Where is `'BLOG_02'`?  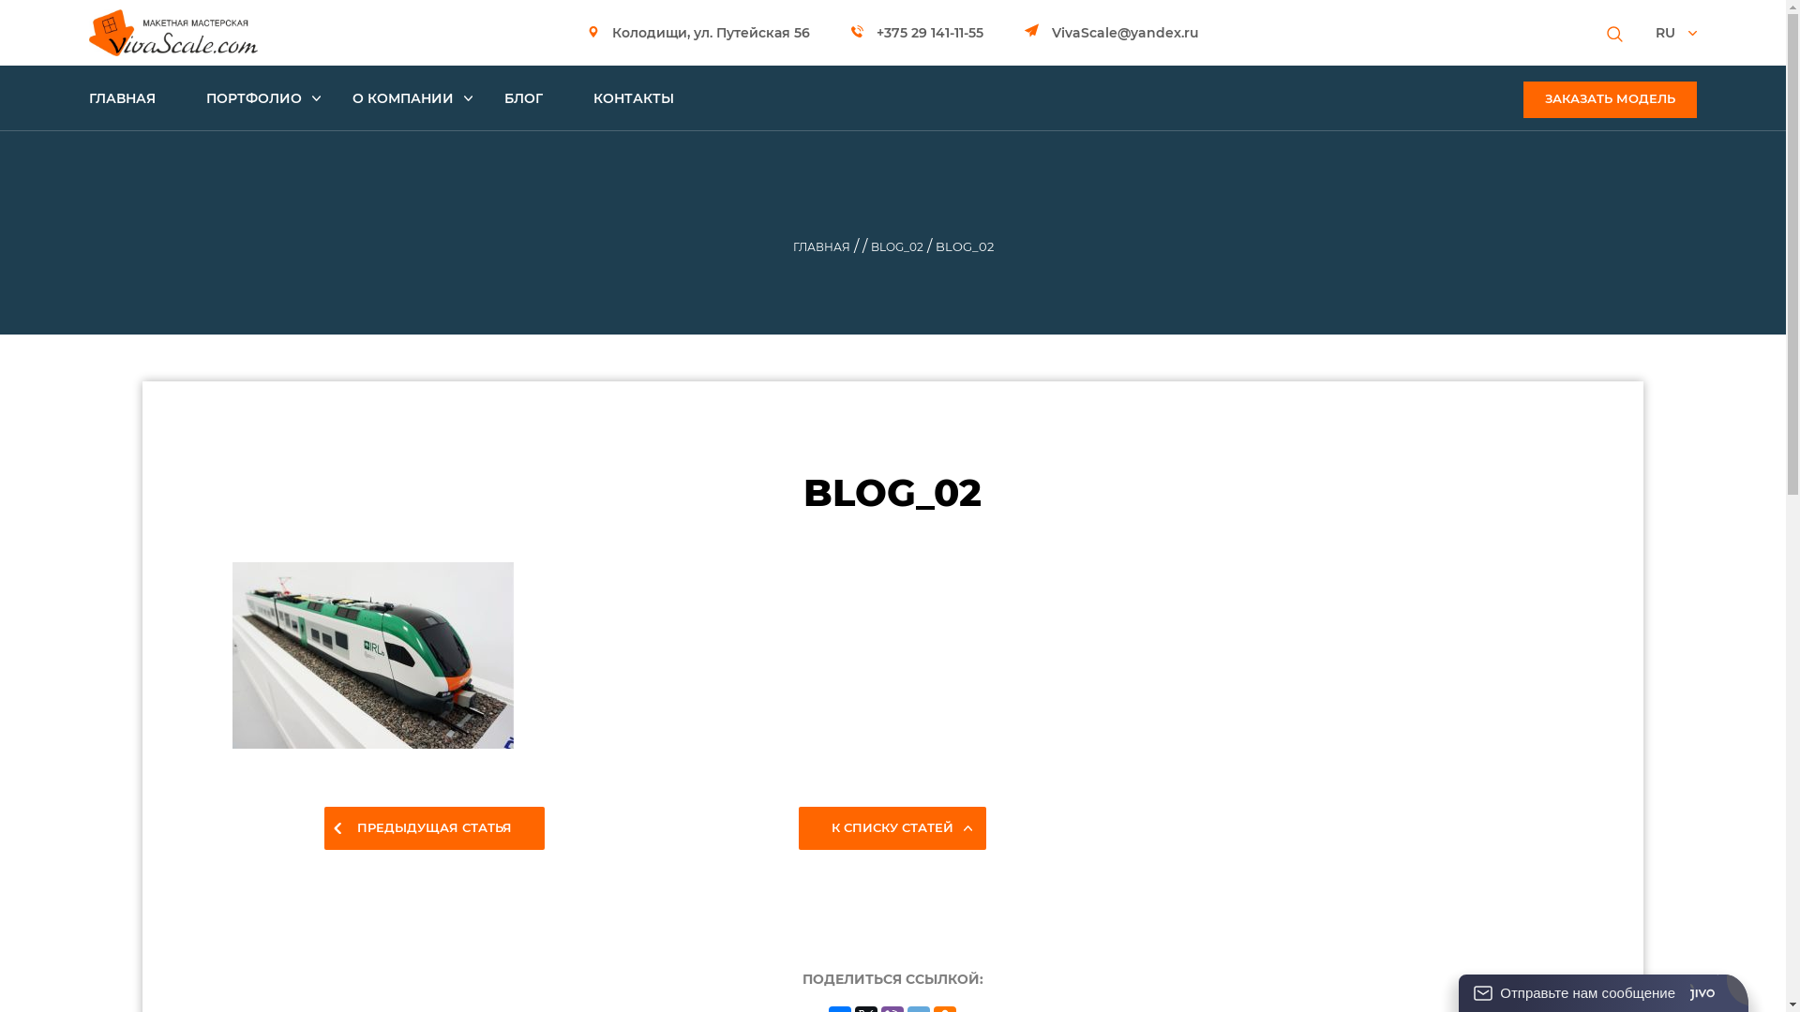
'BLOG_02' is located at coordinates (868, 246).